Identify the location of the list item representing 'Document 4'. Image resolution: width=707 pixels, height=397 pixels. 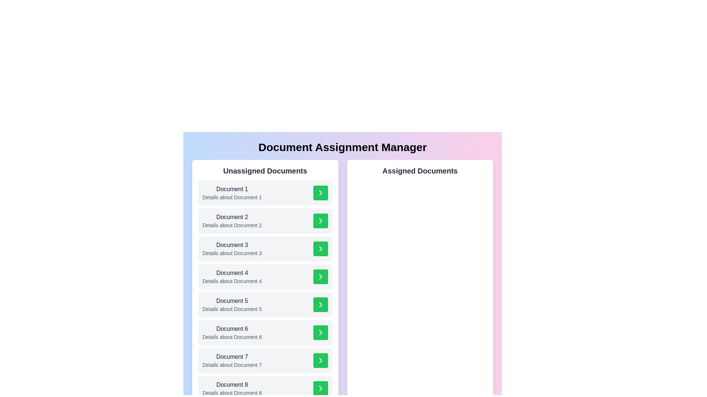
(265, 276).